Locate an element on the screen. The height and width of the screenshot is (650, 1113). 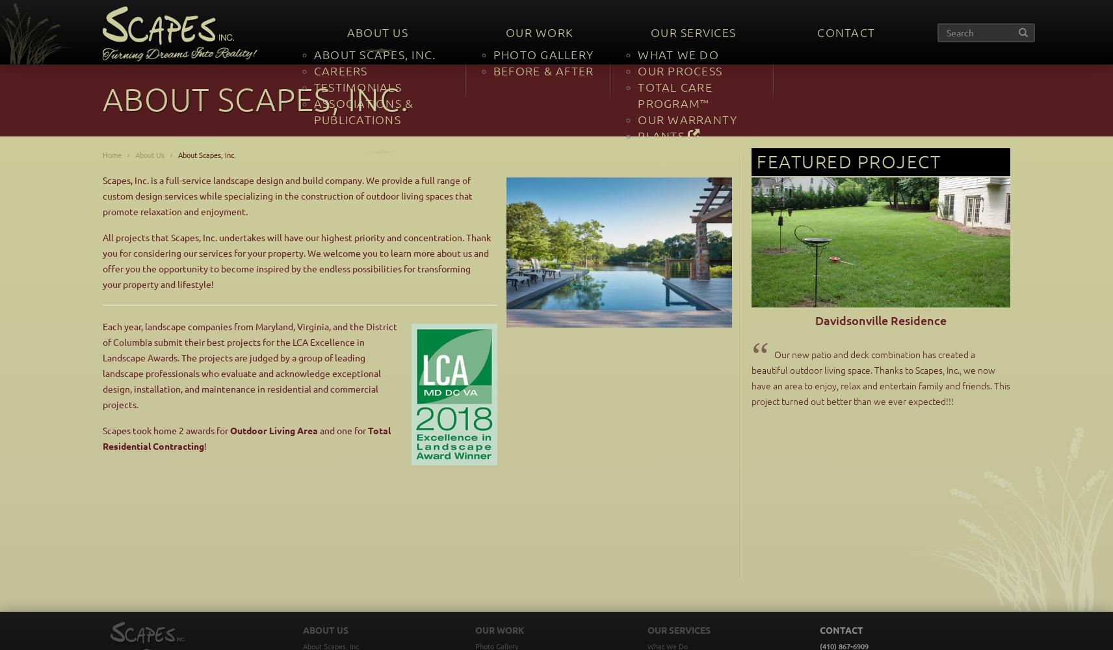
'and one for' is located at coordinates (341, 430).